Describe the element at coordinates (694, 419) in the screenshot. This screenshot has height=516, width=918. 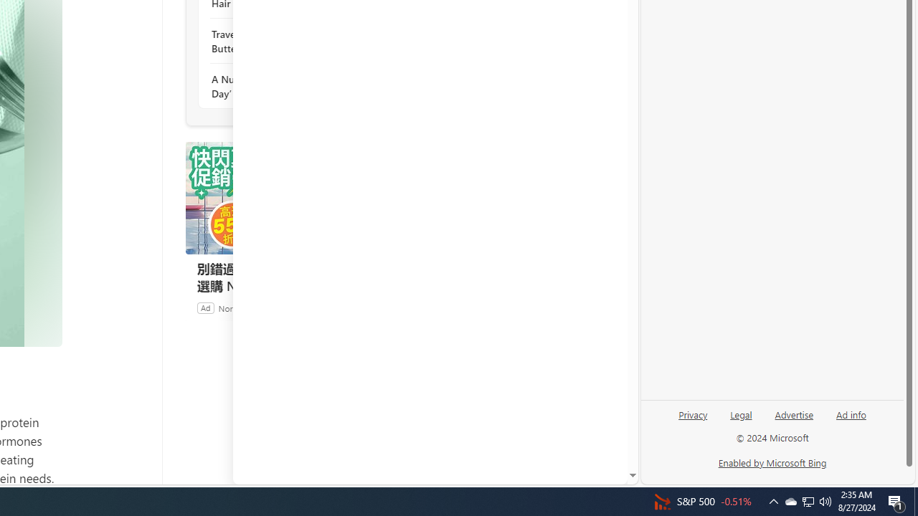
I see `'Privacy'` at that location.